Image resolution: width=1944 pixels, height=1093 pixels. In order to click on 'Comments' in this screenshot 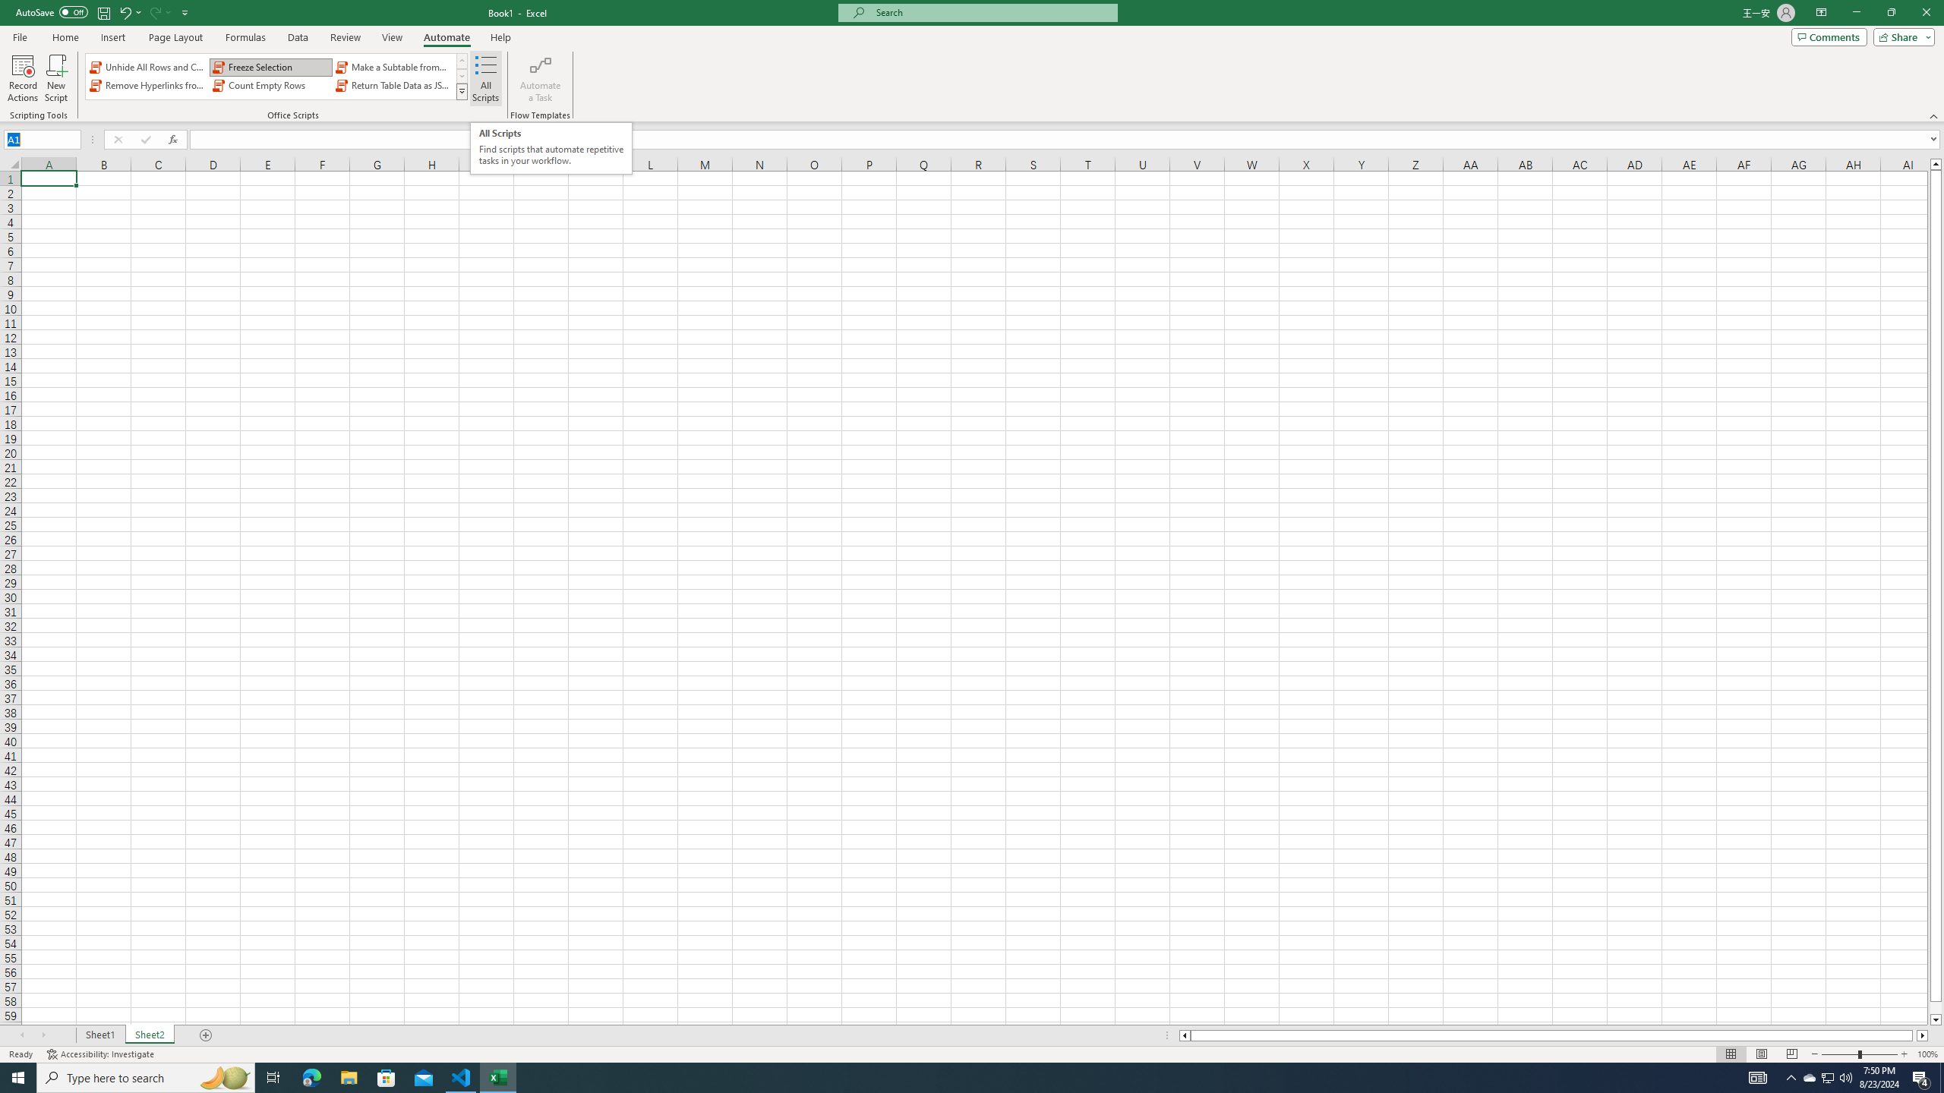, I will do `click(1829, 36)`.